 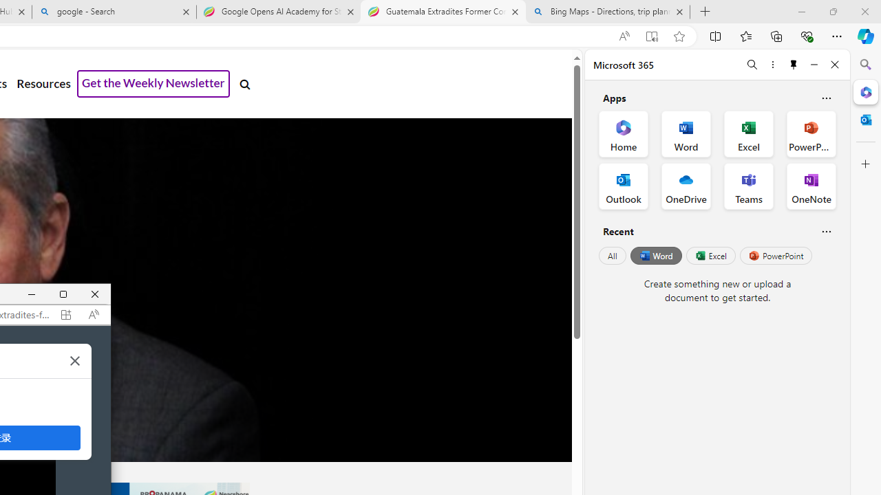 I want to click on 'PowerPoint', so click(x=776, y=256).